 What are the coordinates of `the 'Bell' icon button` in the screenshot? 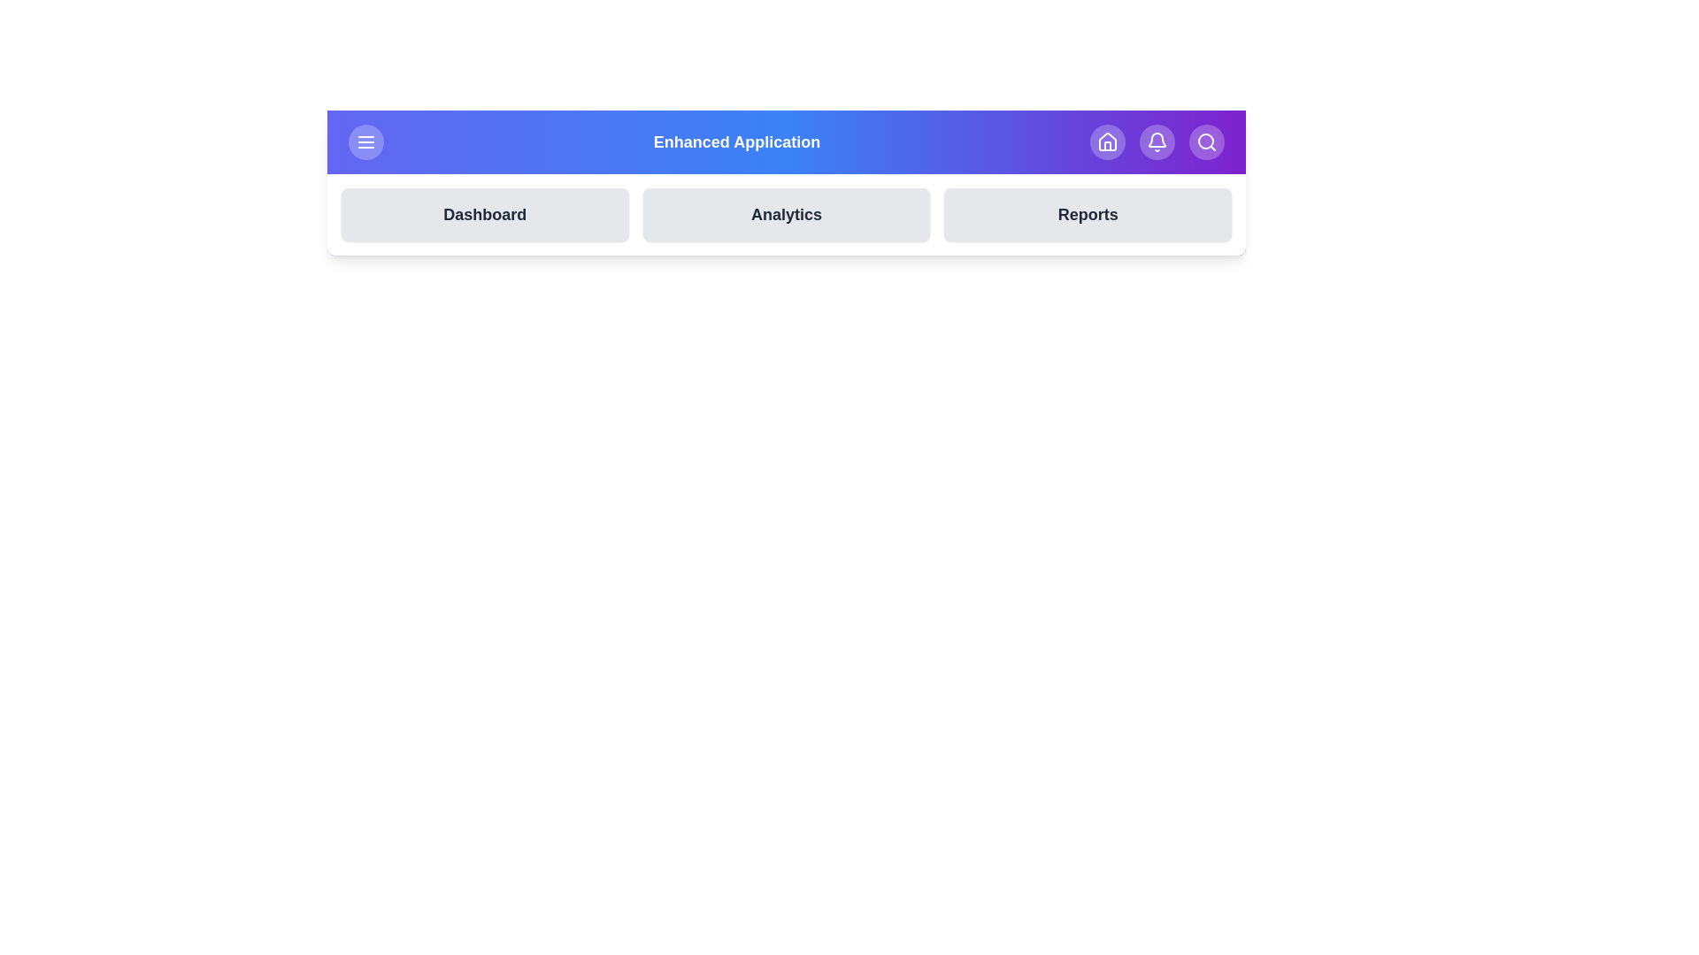 It's located at (1157, 141).